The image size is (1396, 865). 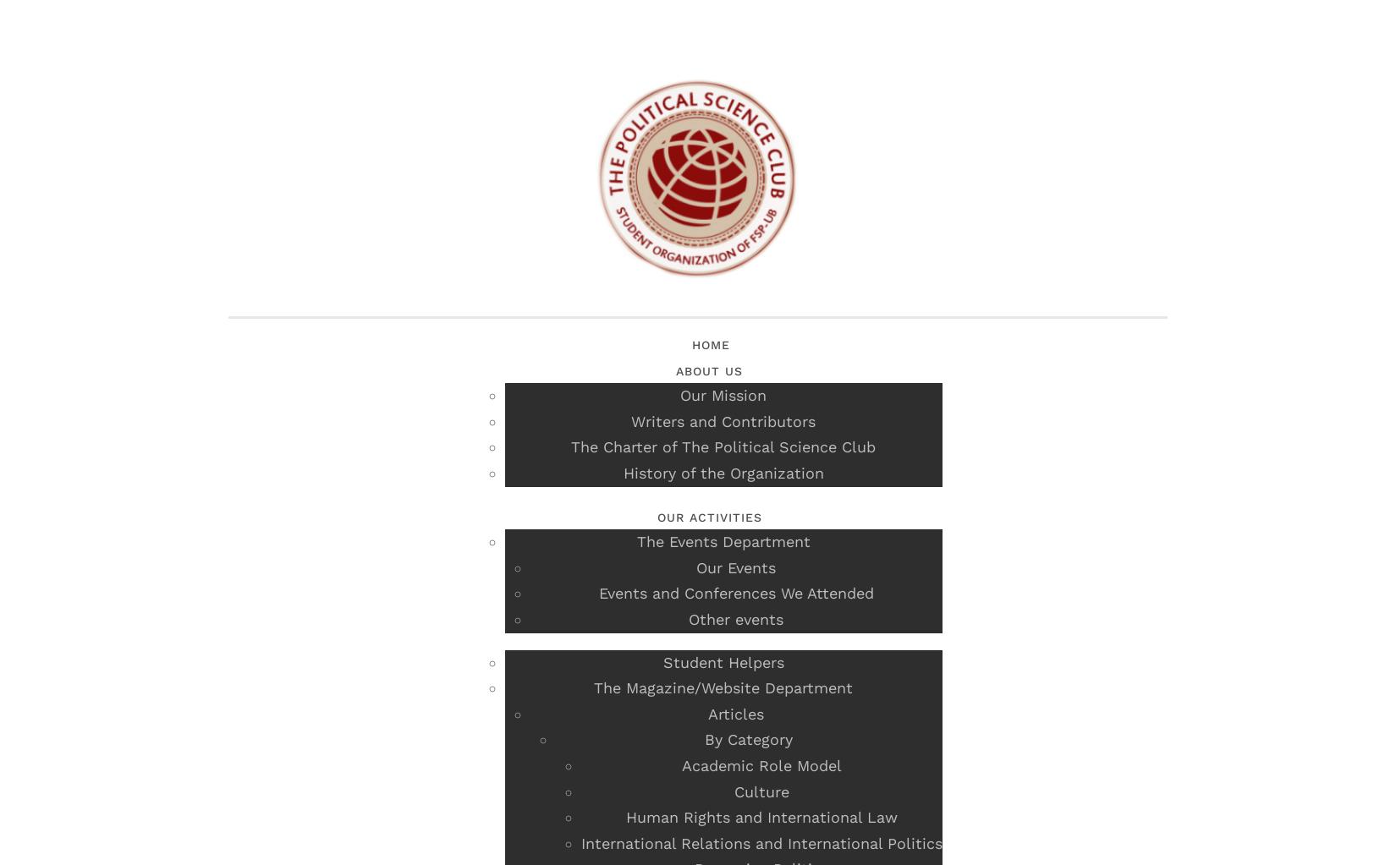 I want to click on 'Our Events', so click(x=736, y=566).